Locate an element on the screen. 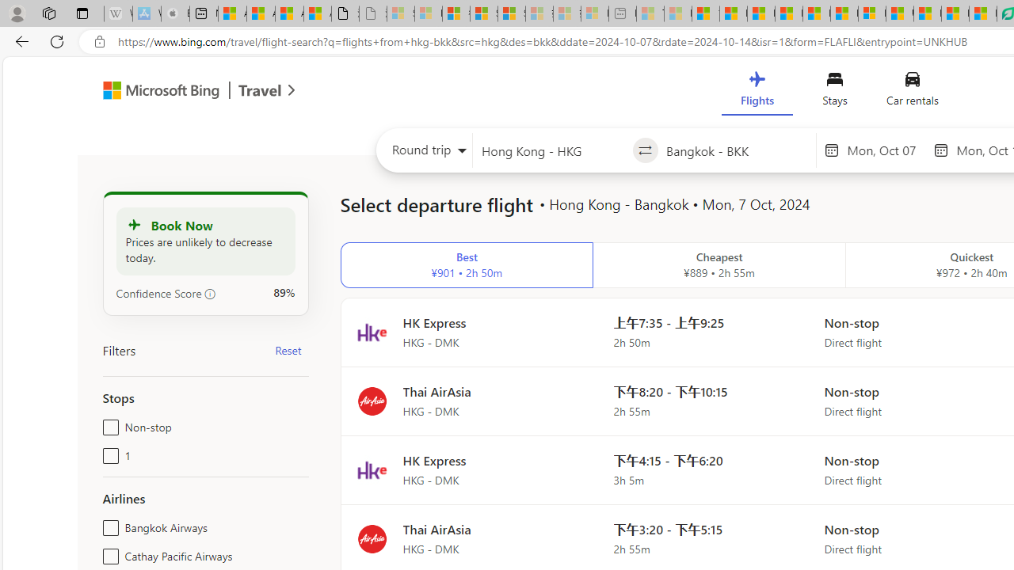  'Swap source and destination' is located at coordinates (645, 150).